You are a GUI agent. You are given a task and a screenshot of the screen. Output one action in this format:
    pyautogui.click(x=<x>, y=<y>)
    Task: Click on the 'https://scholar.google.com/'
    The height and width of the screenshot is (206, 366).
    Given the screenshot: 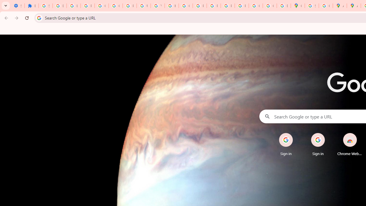 What is the action you would take?
    pyautogui.click(x=171, y=6)
    